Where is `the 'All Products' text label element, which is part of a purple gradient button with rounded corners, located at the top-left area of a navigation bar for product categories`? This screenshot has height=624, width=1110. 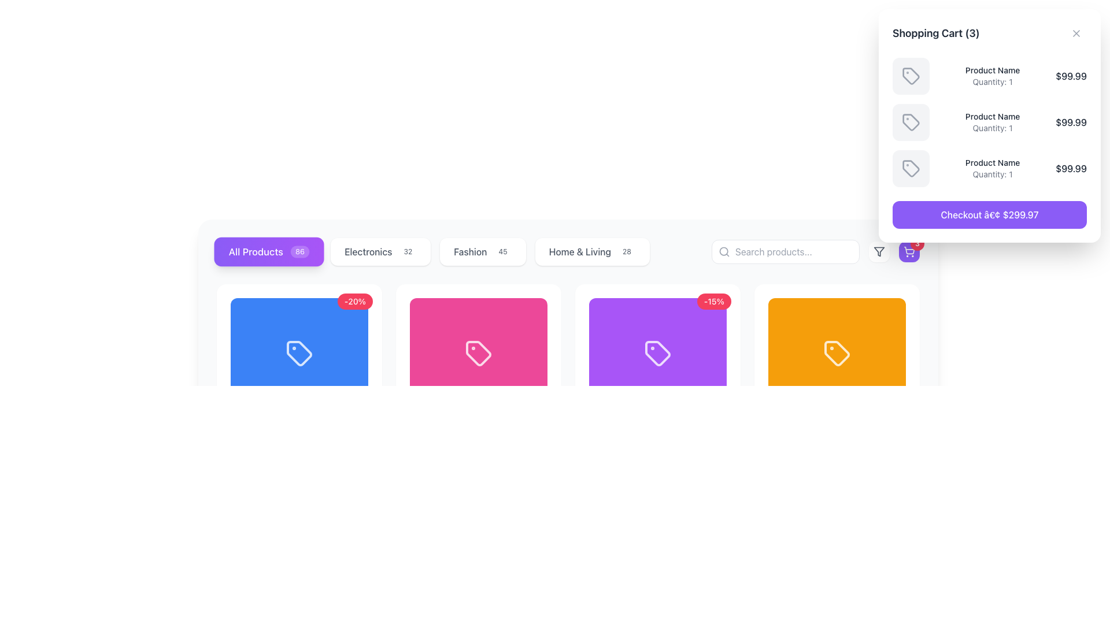
the 'All Products' text label element, which is part of a purple gradient button with rounded corners, located at the top-left area of a navigation bar for product categories is located at coordinates (255, 251).